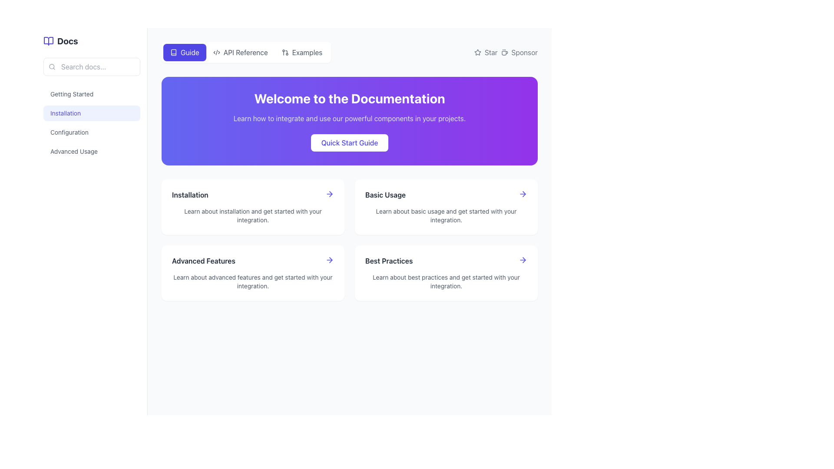 Image resolution: width=834 pixels, height=469 pixels. I want to click on the text label providing supplementary information for the 'Advanced Features' section, so click(252, 281).